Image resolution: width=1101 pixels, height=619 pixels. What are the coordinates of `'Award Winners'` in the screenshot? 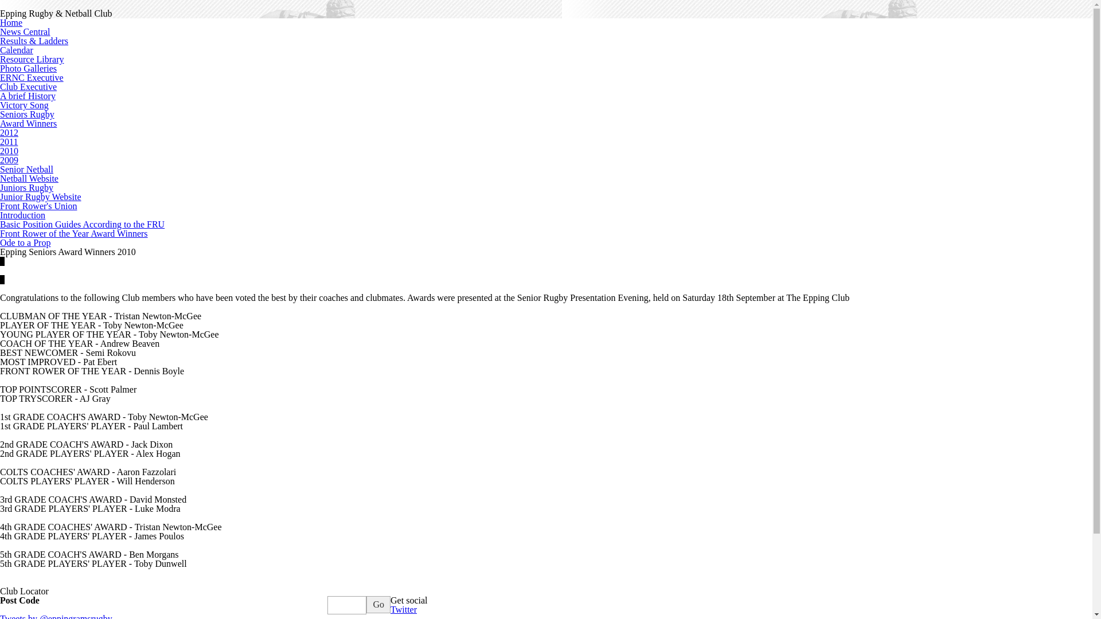 It's located at (0, 123).